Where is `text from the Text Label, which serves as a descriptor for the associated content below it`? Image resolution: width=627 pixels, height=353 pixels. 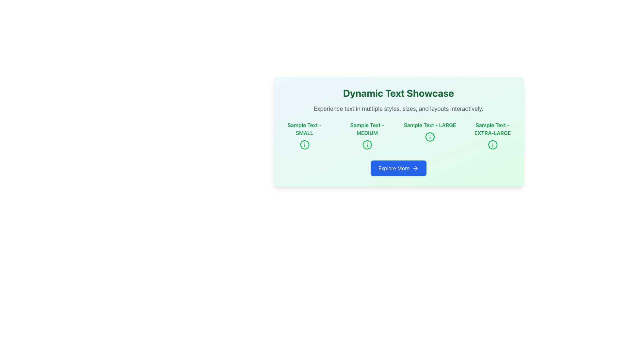
text from the Text Label, which serves as a descriptor for the associated content below it is located at coordinates (304, 129).